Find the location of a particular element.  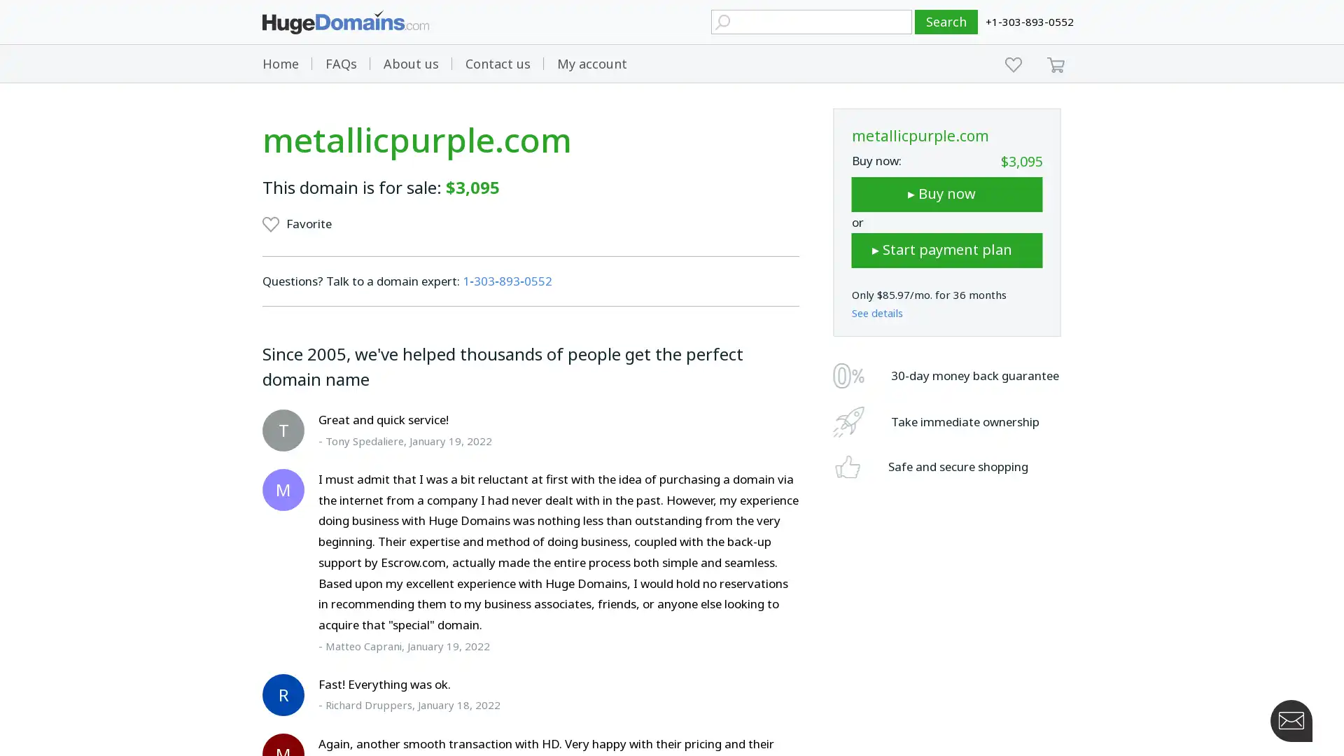

Search is located at coordinates (946, 22).